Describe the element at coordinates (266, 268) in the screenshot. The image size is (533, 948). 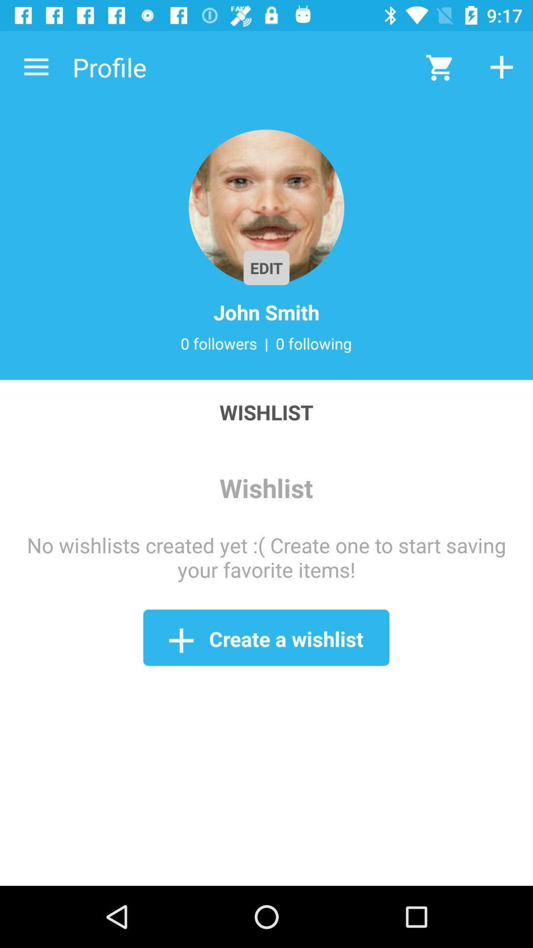
I see `the edit` at that location.